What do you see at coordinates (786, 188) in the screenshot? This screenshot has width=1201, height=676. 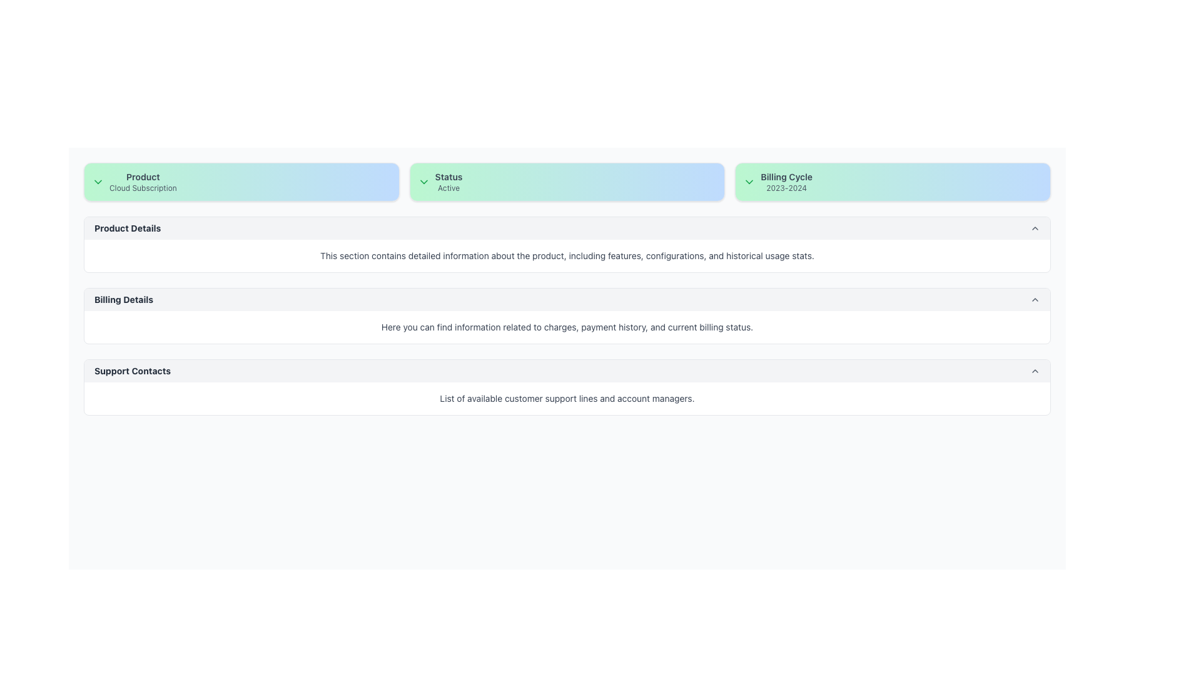 I see `the non-interactive text label displaying the billing period information located in the 'Billing Cycle' section, directly below the text 'Billing Cycle'` at bounding box center [786, 188].